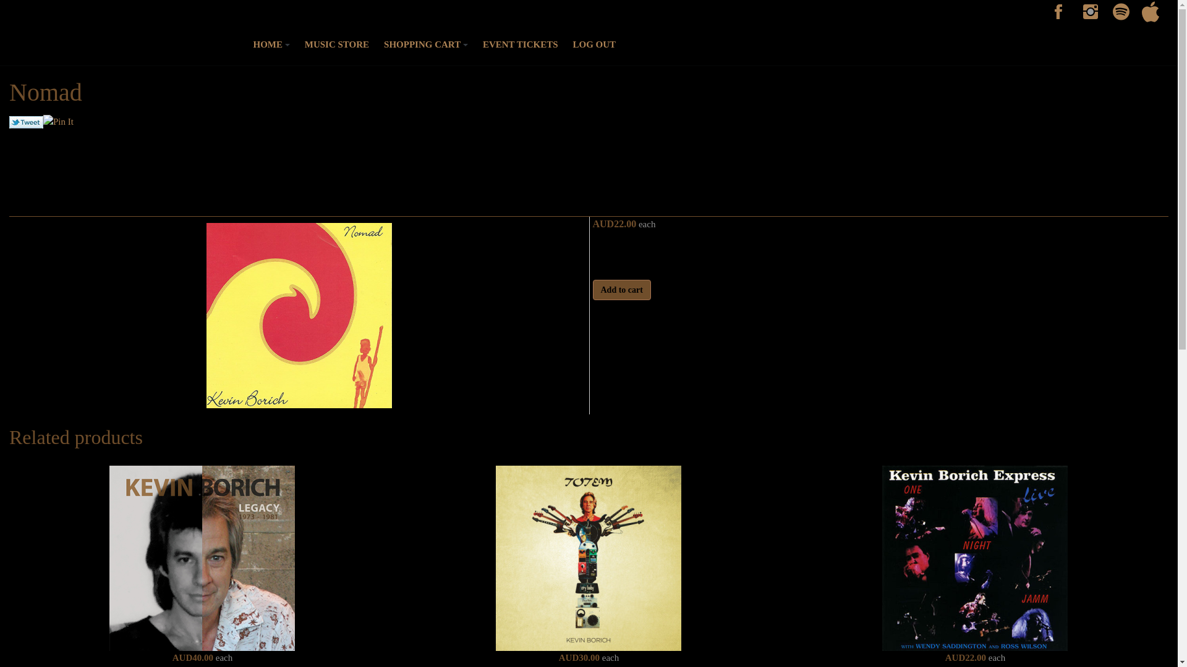 Image resolution: width=1187 pixels, height=667 pixels. Describe the element at coordinates (299, 314) in the screenshot. I see `'Nomad'` at that location.